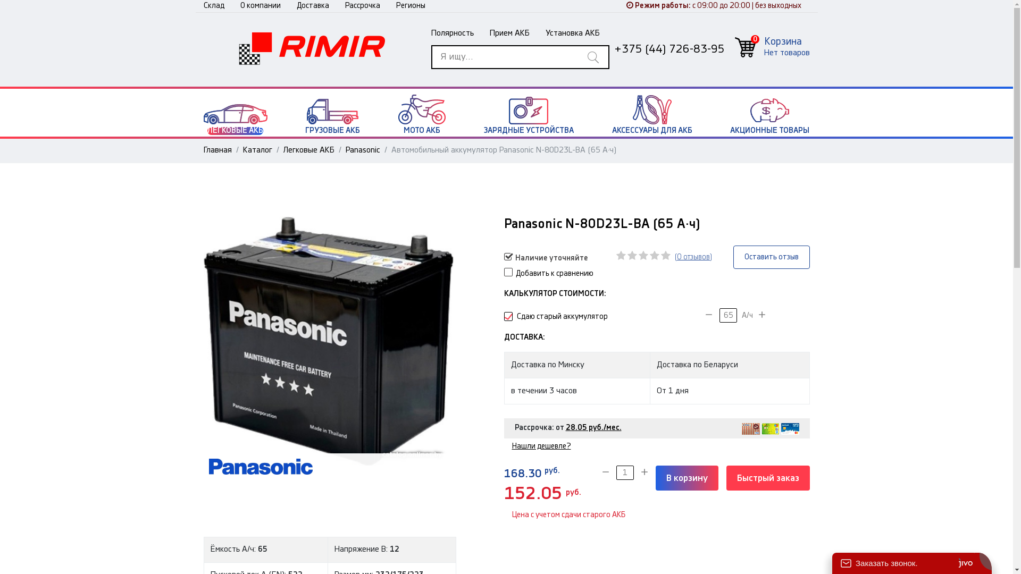 The image size is (1021, 574). What do you see at coordinates (363, 149) in the screenshot?
I see `'Panasonic'` at bounding box center [363, 149].